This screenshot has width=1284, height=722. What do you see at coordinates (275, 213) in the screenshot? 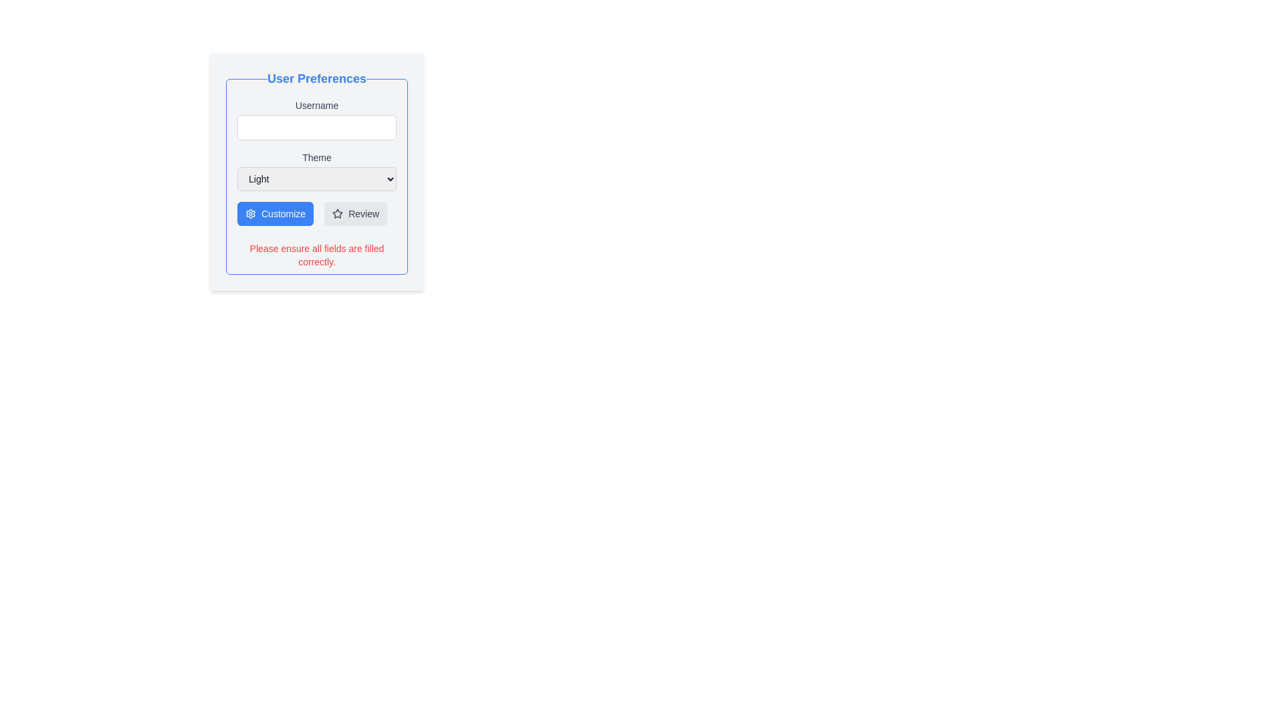
I see `the 'Customize' button, which has a blue background and white bold text` at bounding box center [275, 213].